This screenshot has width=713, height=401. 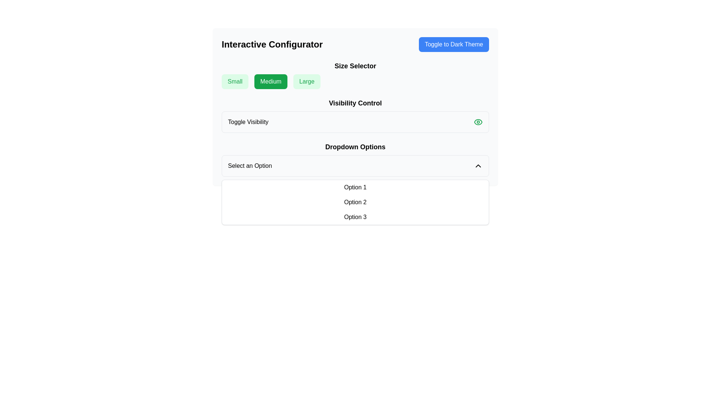 What do you see at coordinates (355, 103) in the screenshot?
I see `the header label indicating visibility settings, located centrally above the 'Toggle Visibility' element and below the 'Size Selector' section` at bounding box center [355, 103].